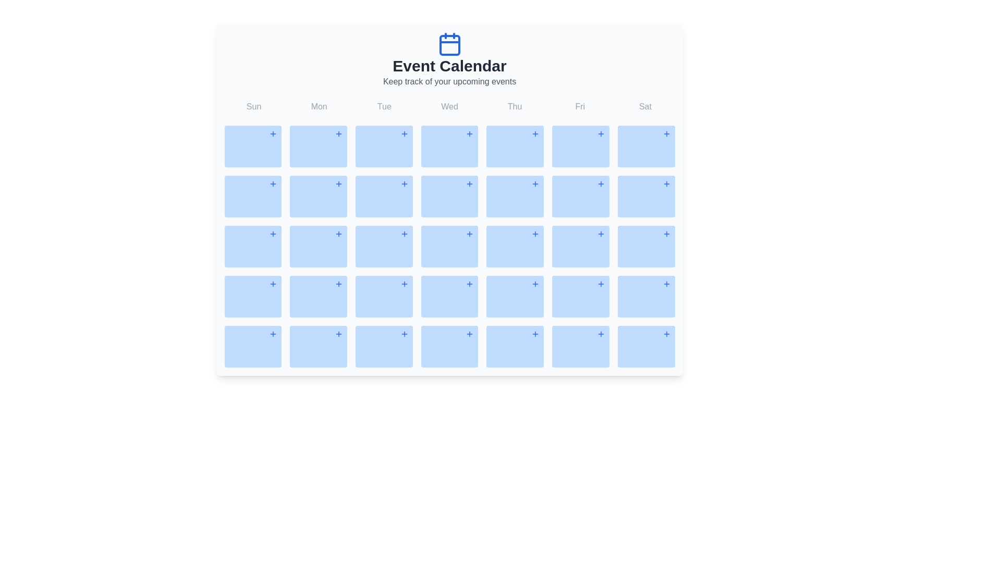 The image size is (1001, 563). Describe the element at coordinates (253, 297) in the screenshot. I see `the interactive calendar tile, which is a light blue rectangular tile with softly rounded corners located in the sixth row and first column of the grid` at that location.